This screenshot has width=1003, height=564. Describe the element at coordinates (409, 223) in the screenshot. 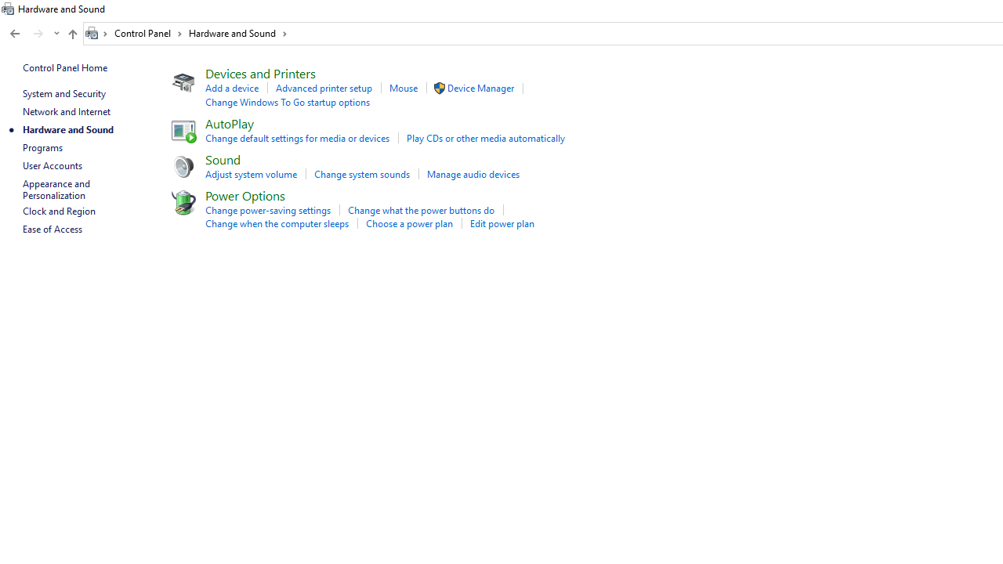

I see `'Choose a power plan'` at that location.